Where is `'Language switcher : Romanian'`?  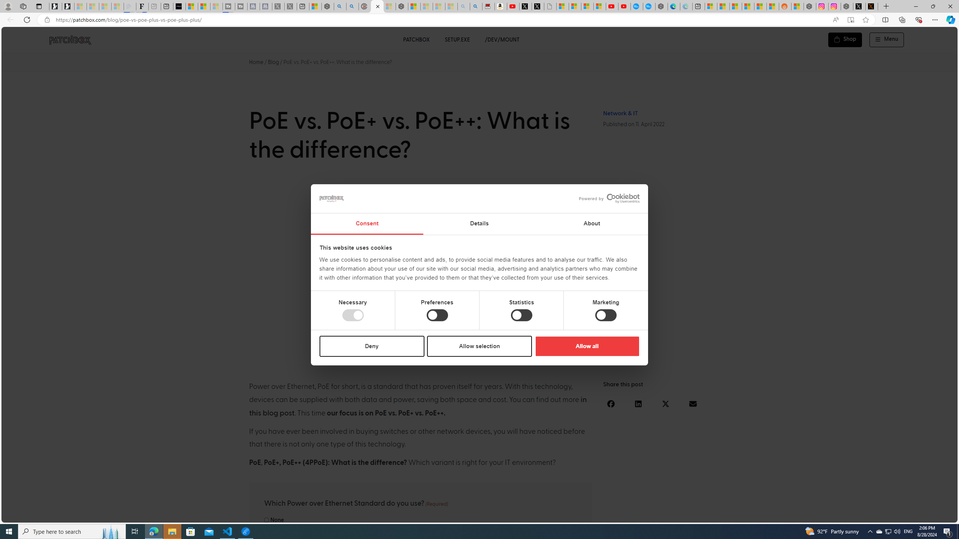
'Language switcher : Romanian' is located at coordinates (901, 515).